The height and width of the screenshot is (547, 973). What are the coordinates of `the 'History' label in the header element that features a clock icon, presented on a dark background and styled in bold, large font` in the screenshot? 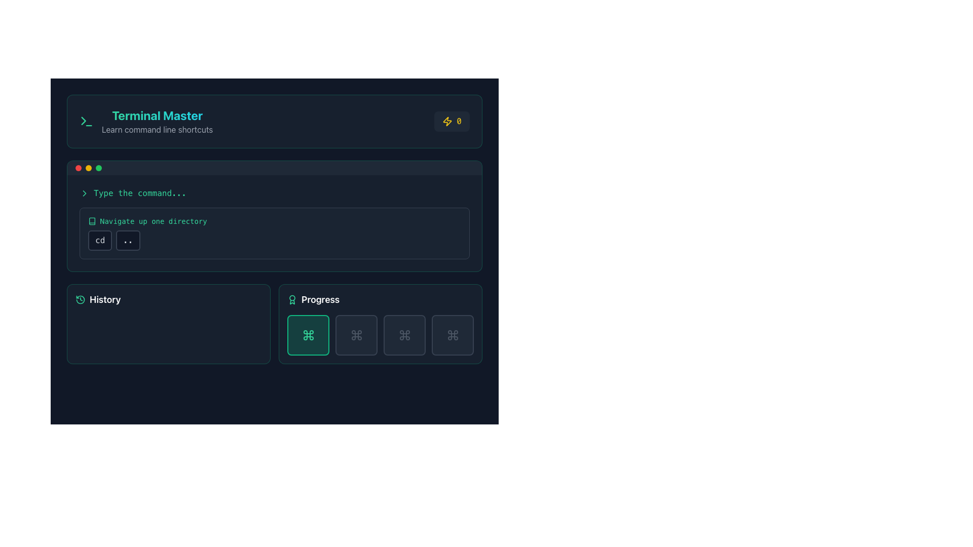 It's located at (168, 299).